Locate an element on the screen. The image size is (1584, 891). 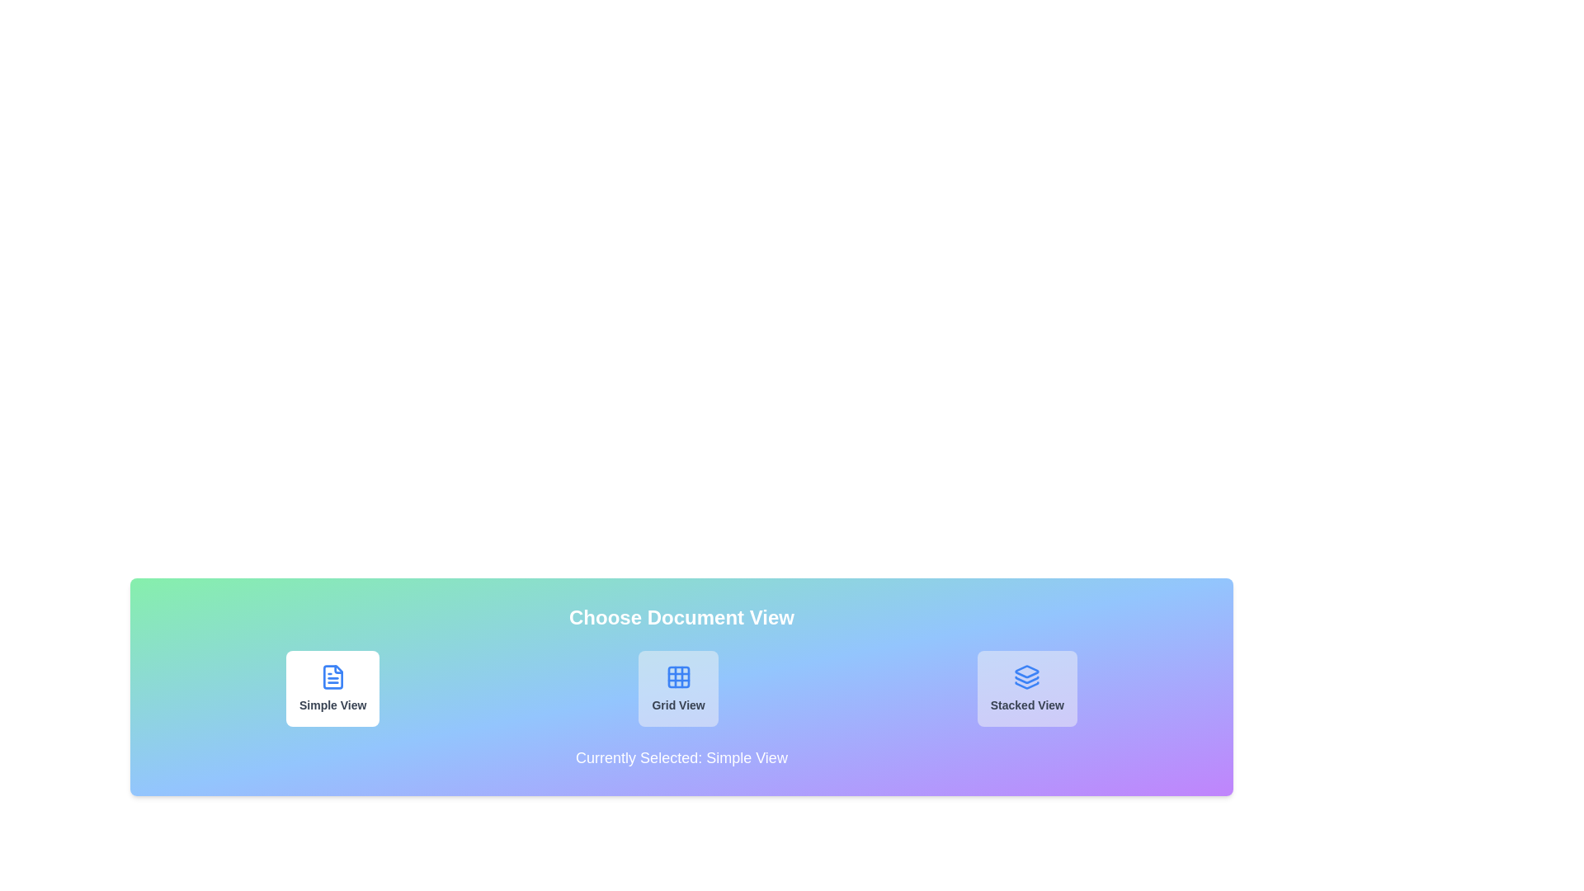
the button corresponding to Stacked View to observe its hover effect is located at coordinates (1026, 688).